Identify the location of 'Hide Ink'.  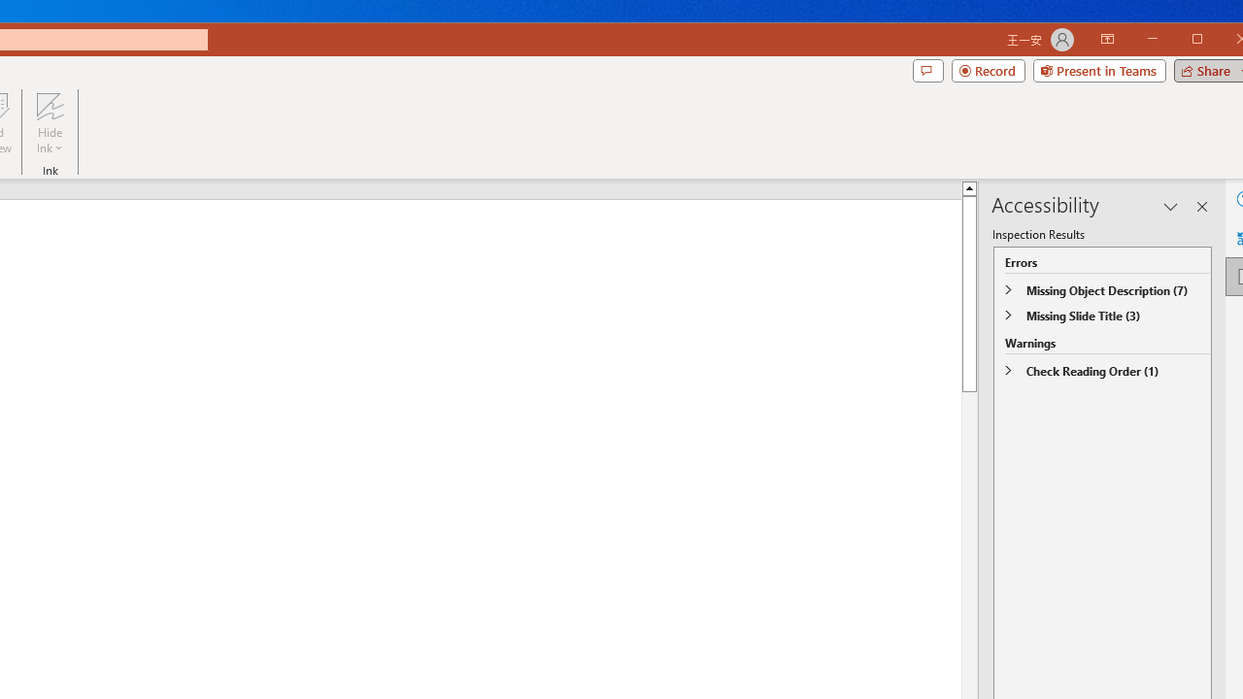
(50, 106).